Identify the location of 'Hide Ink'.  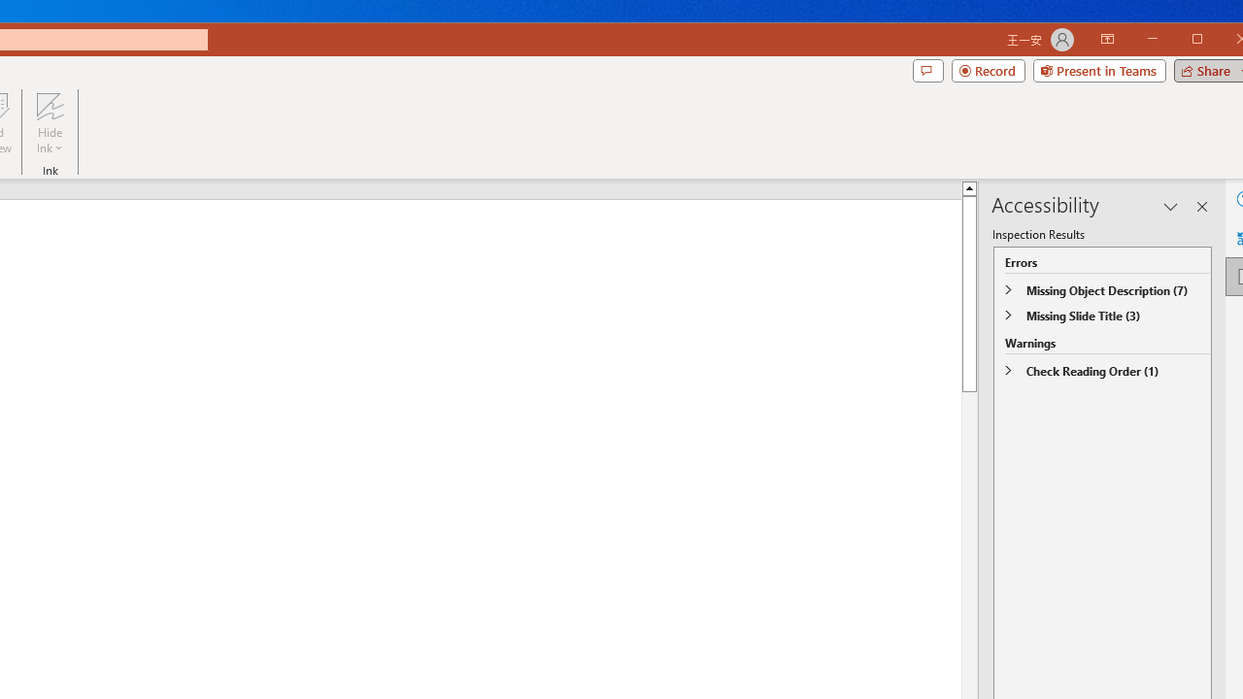
(50, 106).